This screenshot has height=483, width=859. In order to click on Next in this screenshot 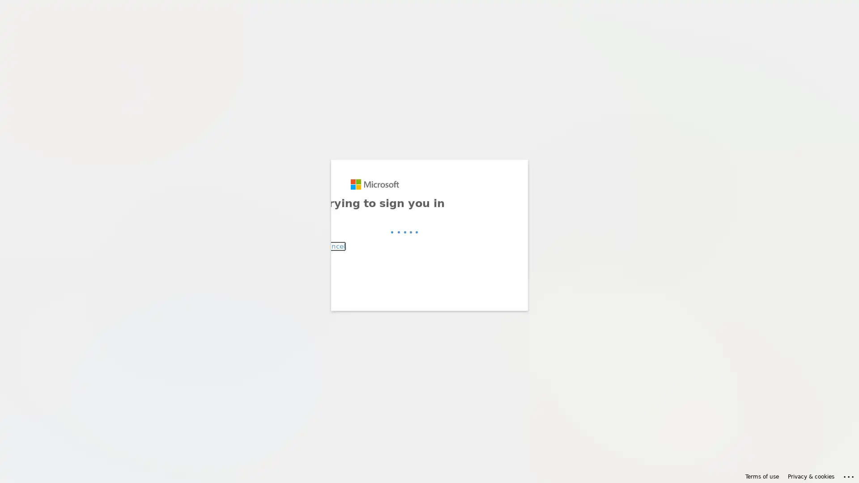, I will do `click(483, 267)`.